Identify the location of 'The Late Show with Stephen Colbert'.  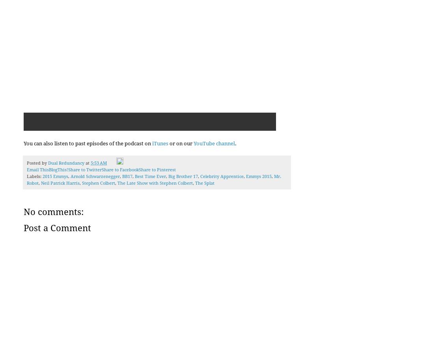
(155, 183).